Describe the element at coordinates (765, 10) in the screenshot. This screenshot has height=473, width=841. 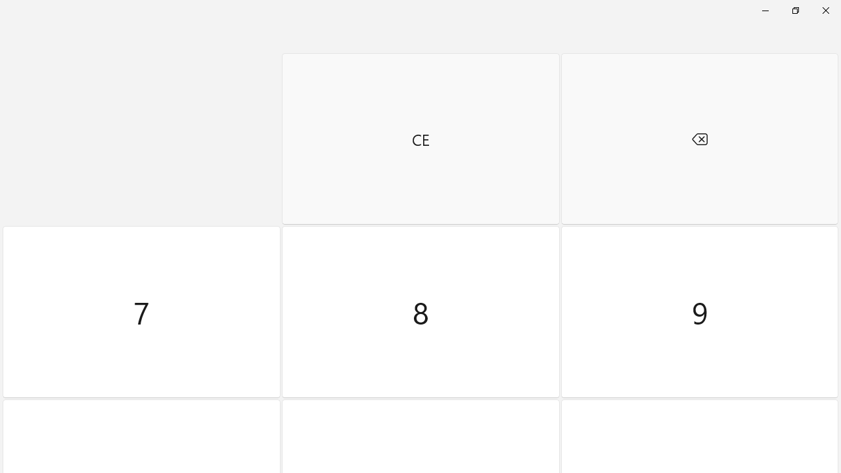
I see `'Minimize Calculator'` at that location.